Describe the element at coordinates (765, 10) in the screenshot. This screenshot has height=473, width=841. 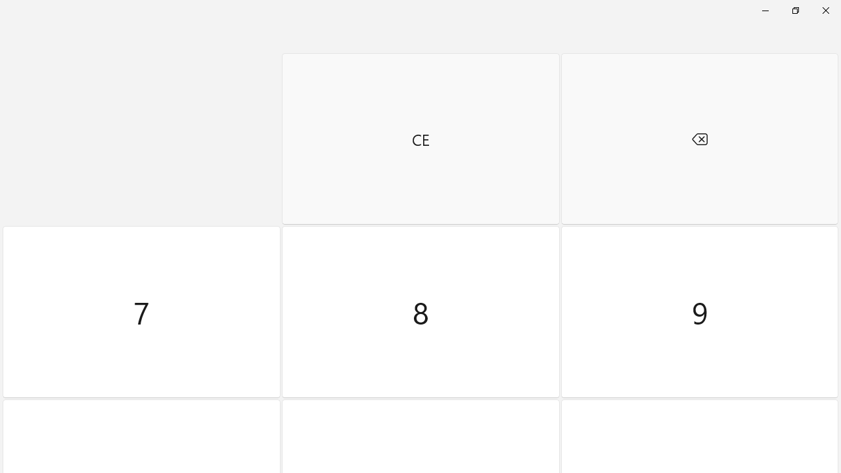
I see `'Minimize Calculator'` at that location.